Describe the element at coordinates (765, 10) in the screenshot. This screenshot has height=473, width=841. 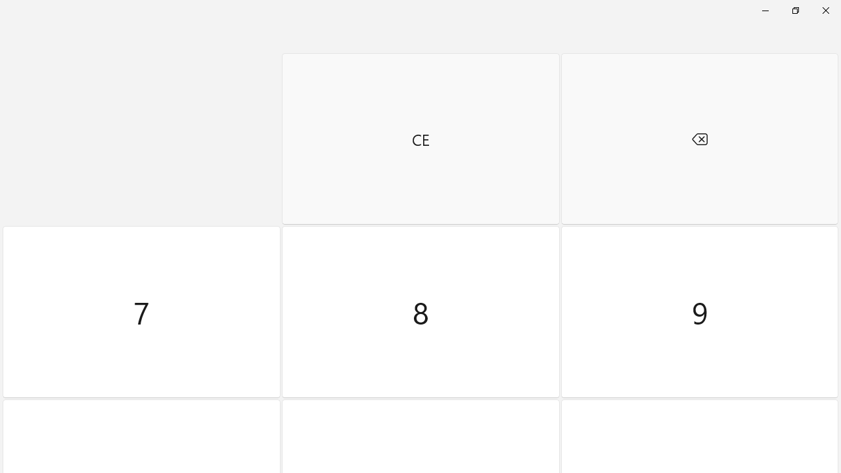
I see `'Minimize Calculator'` at that location.